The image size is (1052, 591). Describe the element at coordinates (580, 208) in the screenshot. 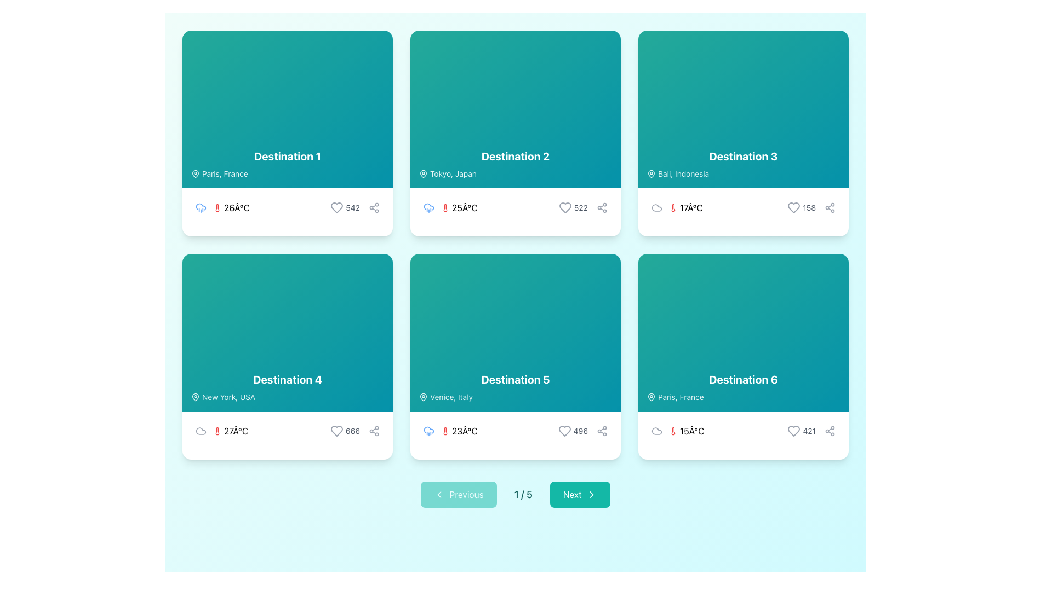

I see `the text display representing the count or rating for 'Destination 2', located to the right of the heart icon in the bottom-right corner of the card` at that location.